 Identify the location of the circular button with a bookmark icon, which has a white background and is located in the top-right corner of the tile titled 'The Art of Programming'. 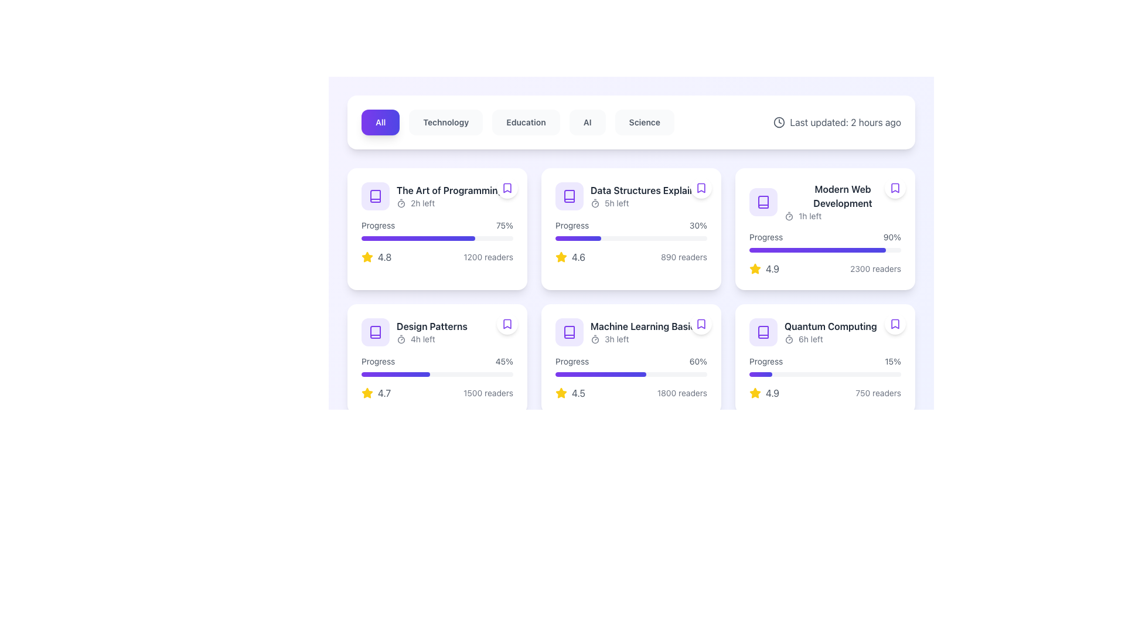
(507, 187).